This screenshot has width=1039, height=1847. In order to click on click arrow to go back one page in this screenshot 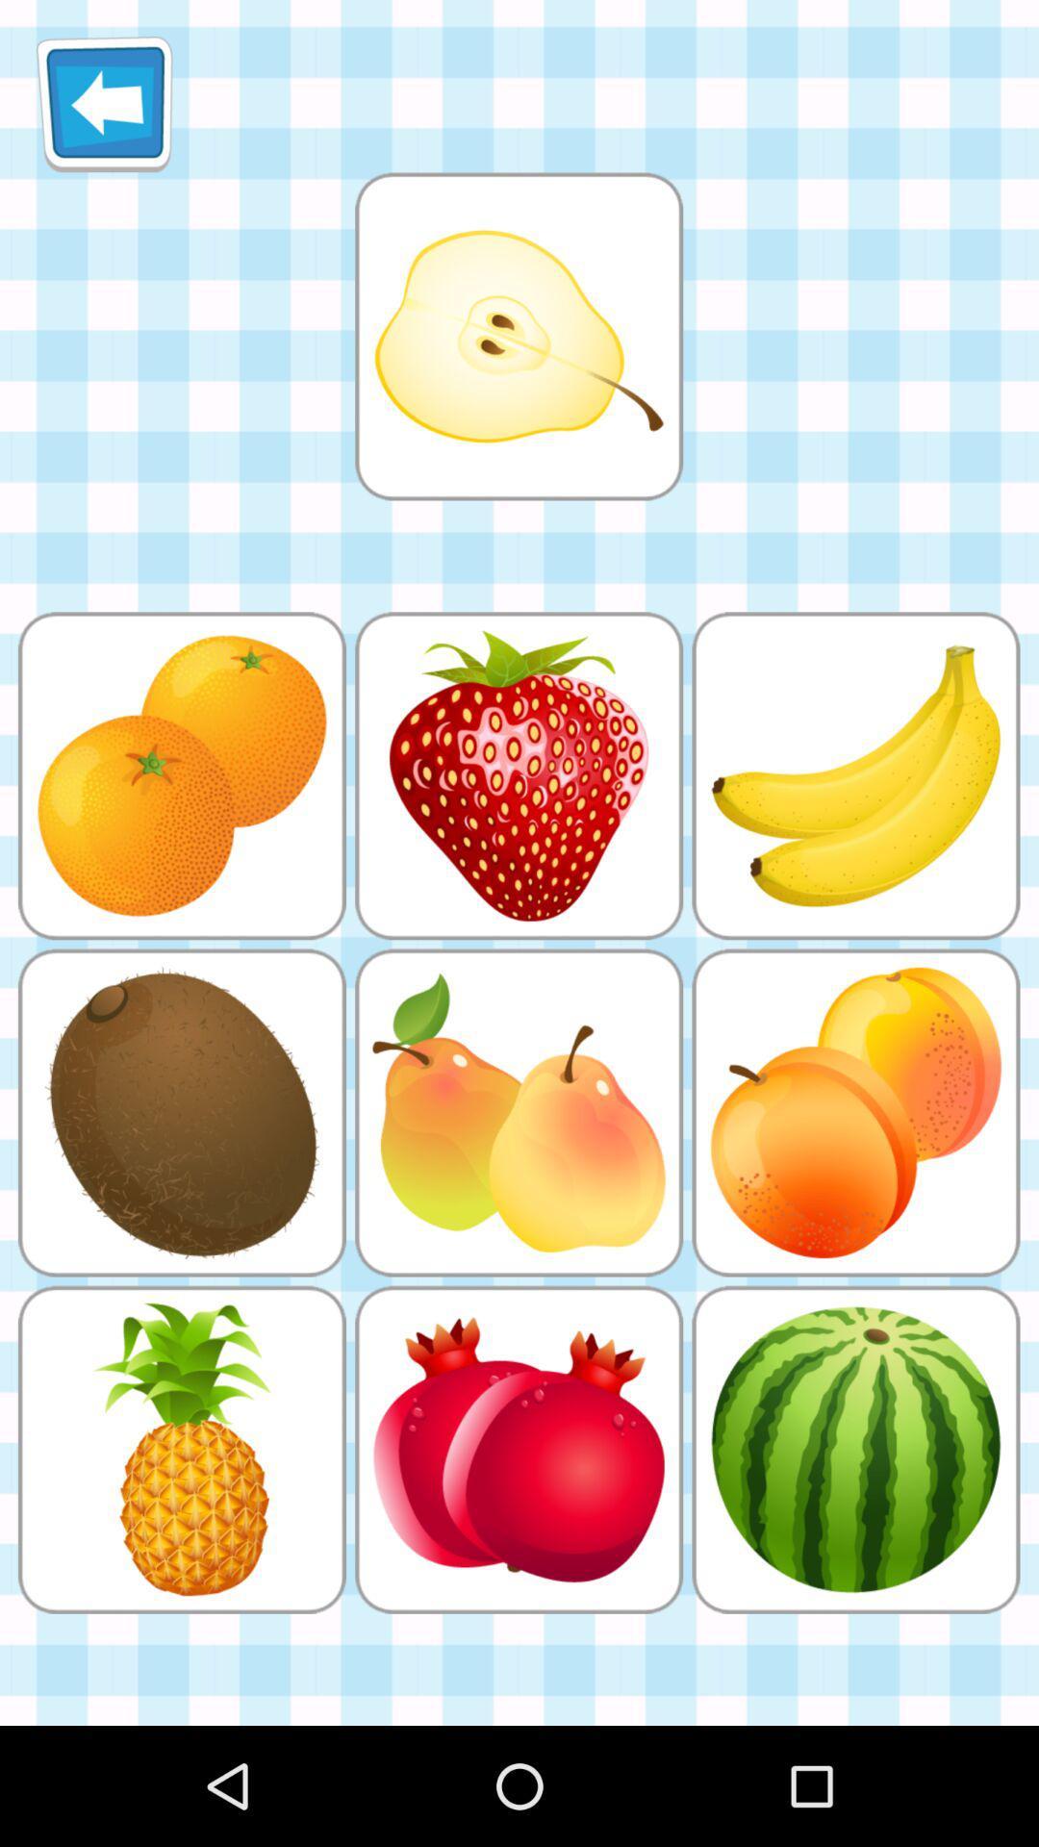, I will do `click(104, 103)`.